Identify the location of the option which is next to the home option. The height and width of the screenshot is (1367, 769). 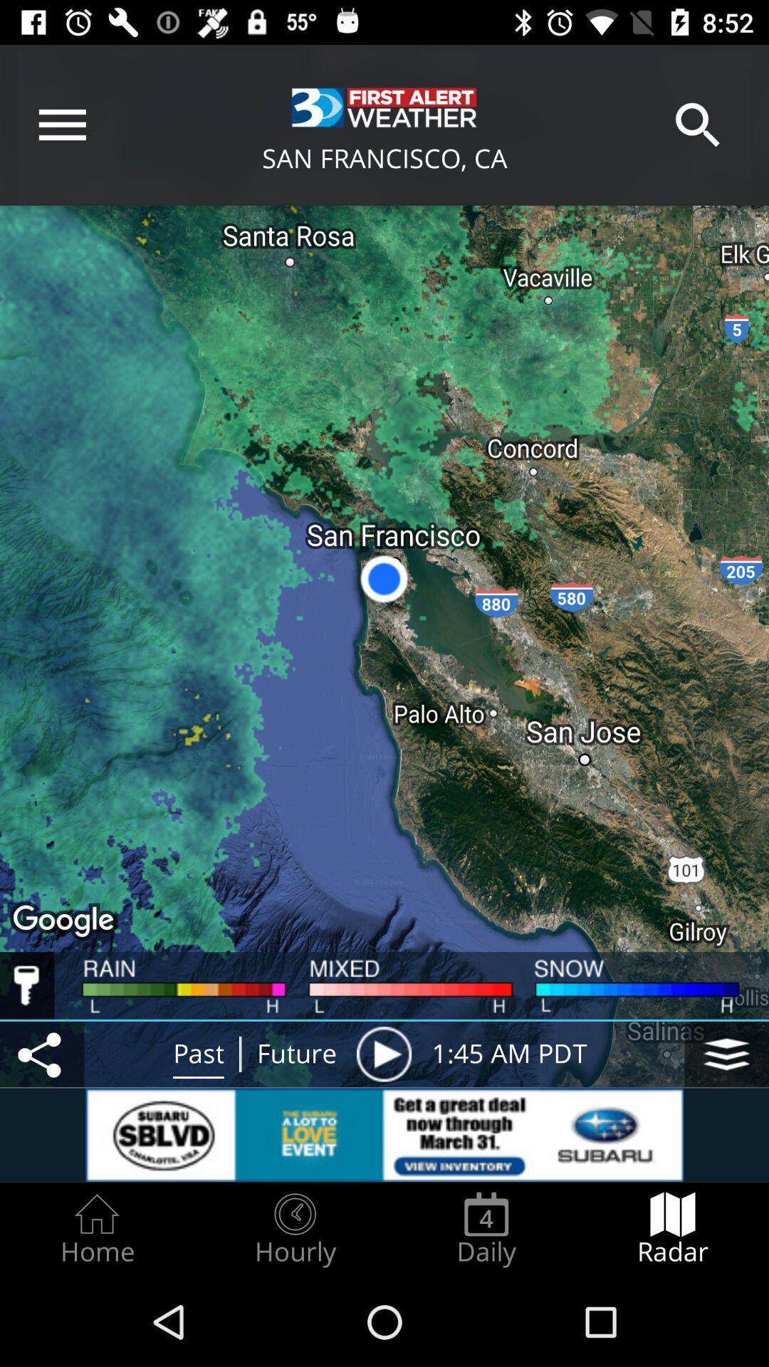
(295, 1229).